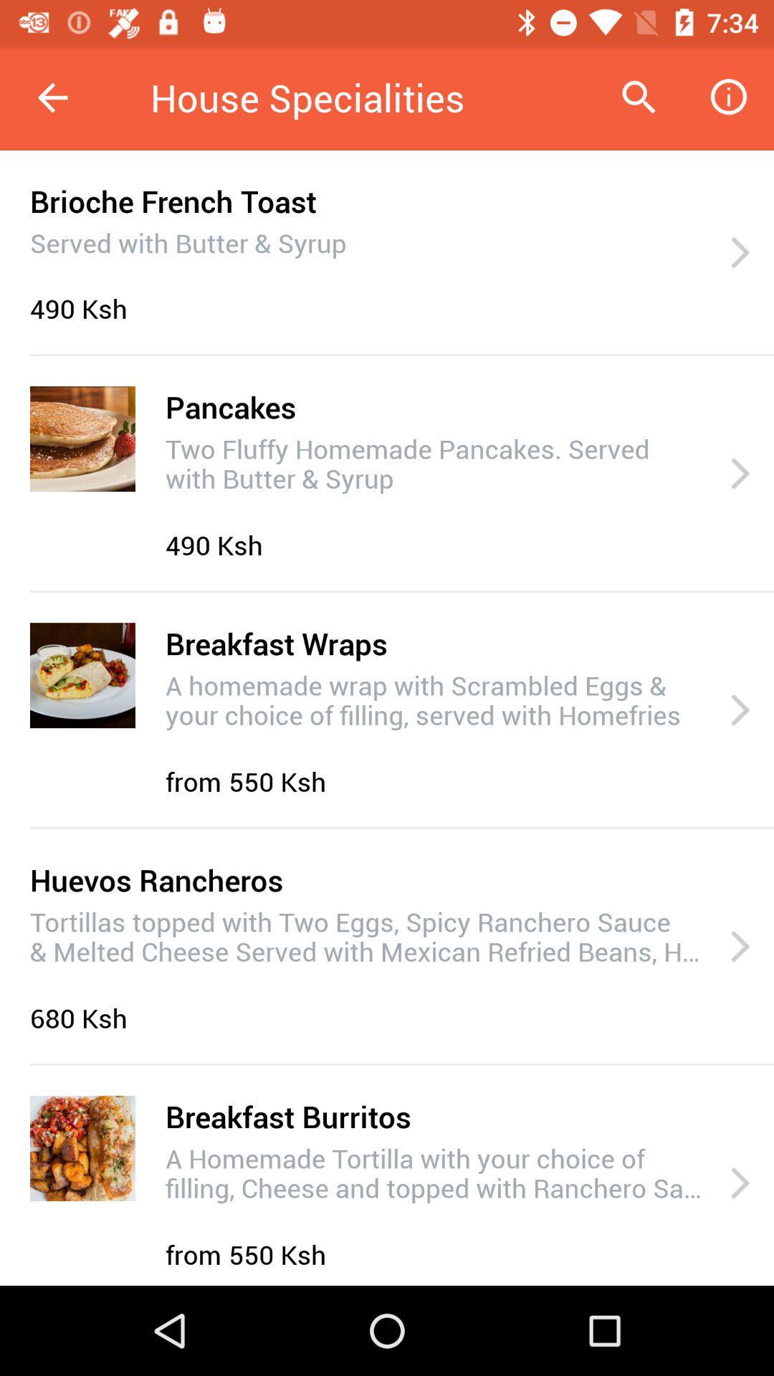  What do you see at coordinates (740, 474) in the screenshot?
I see `item next to two fluffy homemade item` at bounding box center [740, 474].